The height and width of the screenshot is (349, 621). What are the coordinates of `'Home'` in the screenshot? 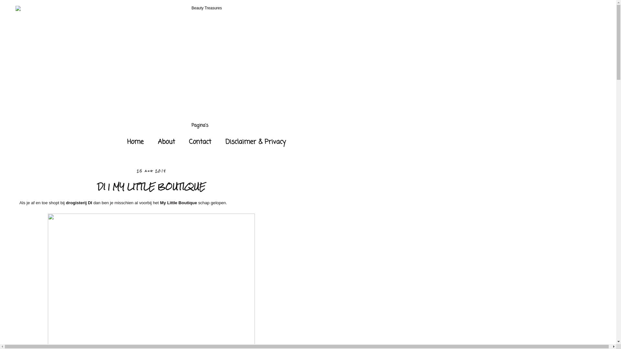 It's located at (121, 142).